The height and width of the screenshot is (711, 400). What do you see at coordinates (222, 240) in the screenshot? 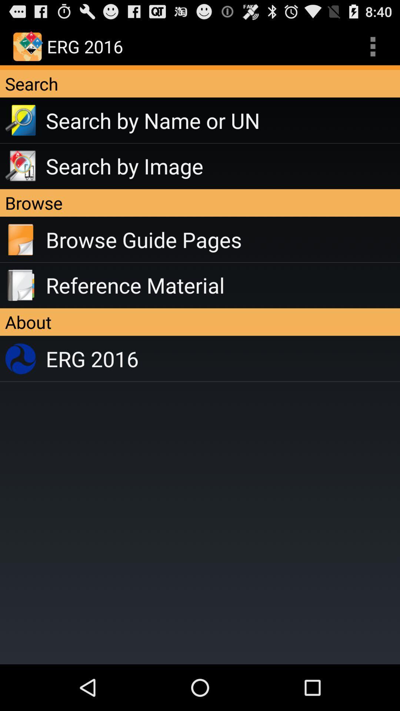
I see `the item below the browse item` at bounding box center [222, 240].